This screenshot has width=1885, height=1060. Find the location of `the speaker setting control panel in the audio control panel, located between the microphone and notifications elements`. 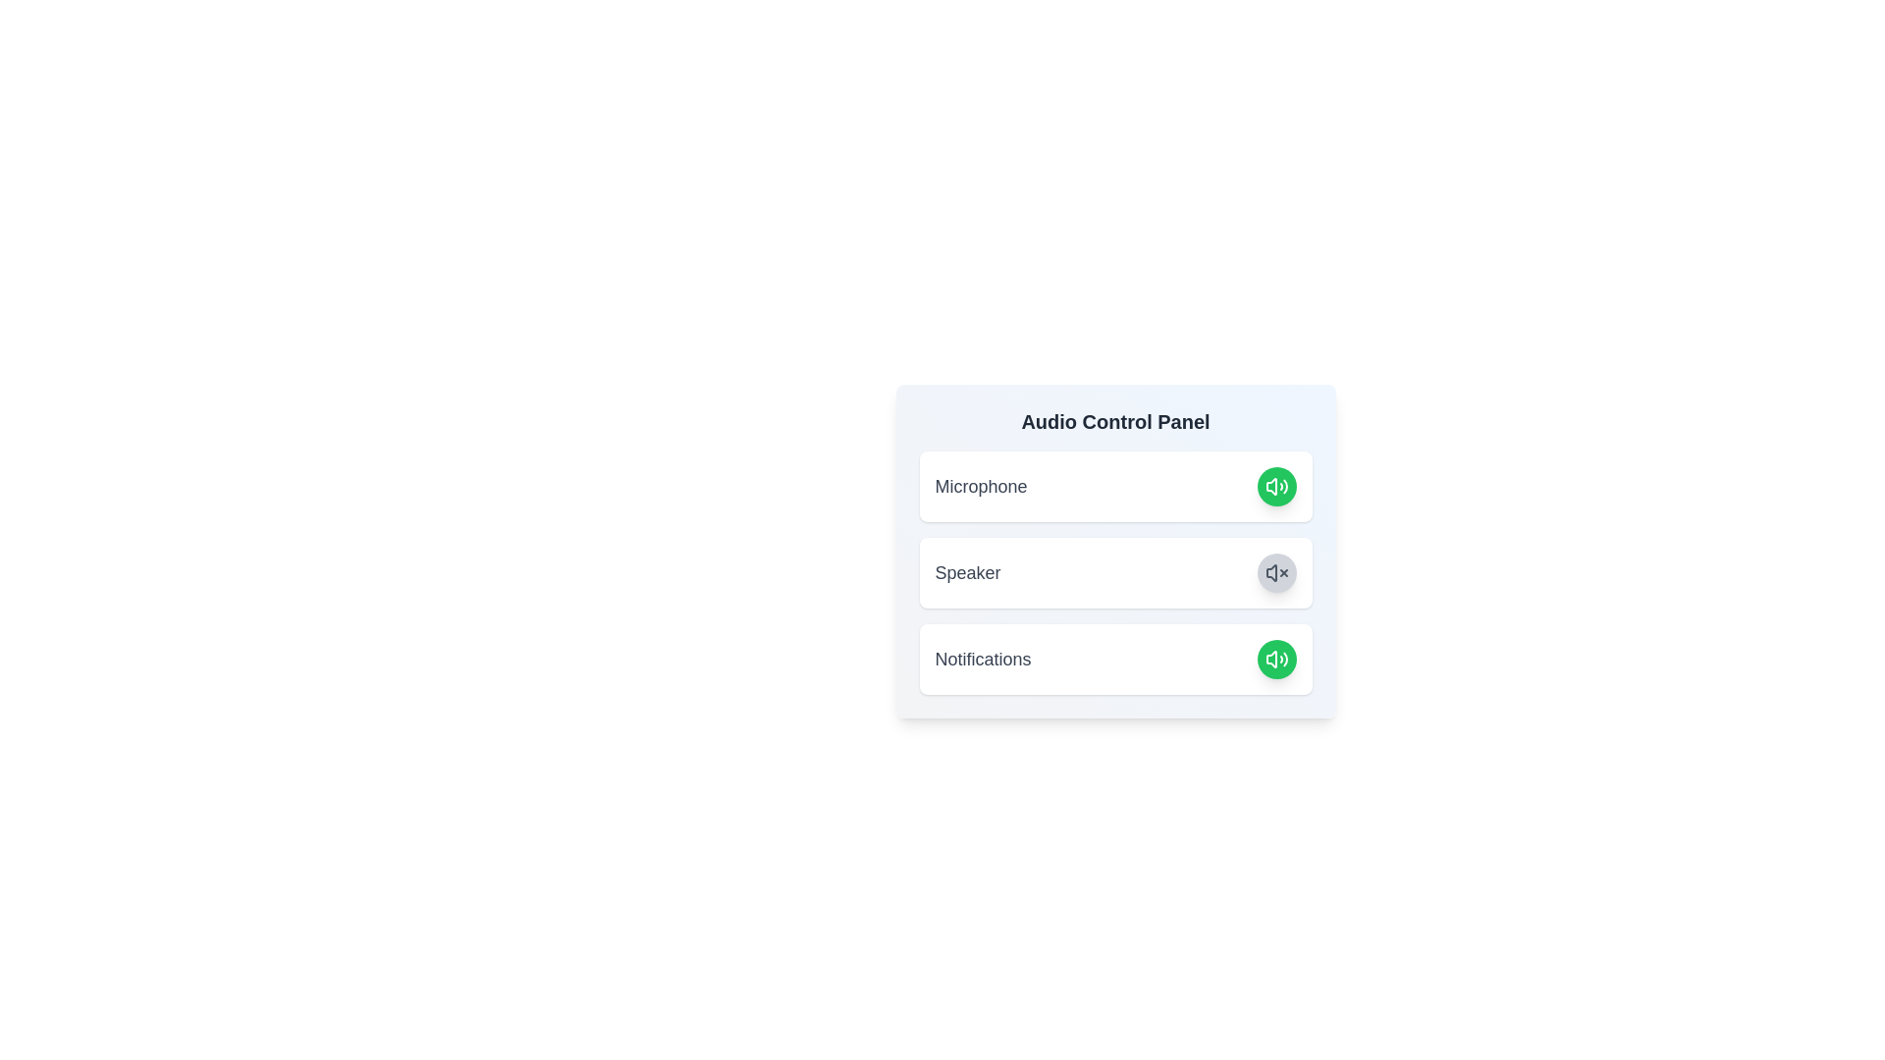

the speaker setting control panel in the audio control panel, located between the microphone and notifications elements is located at coordinates (1115, 572).